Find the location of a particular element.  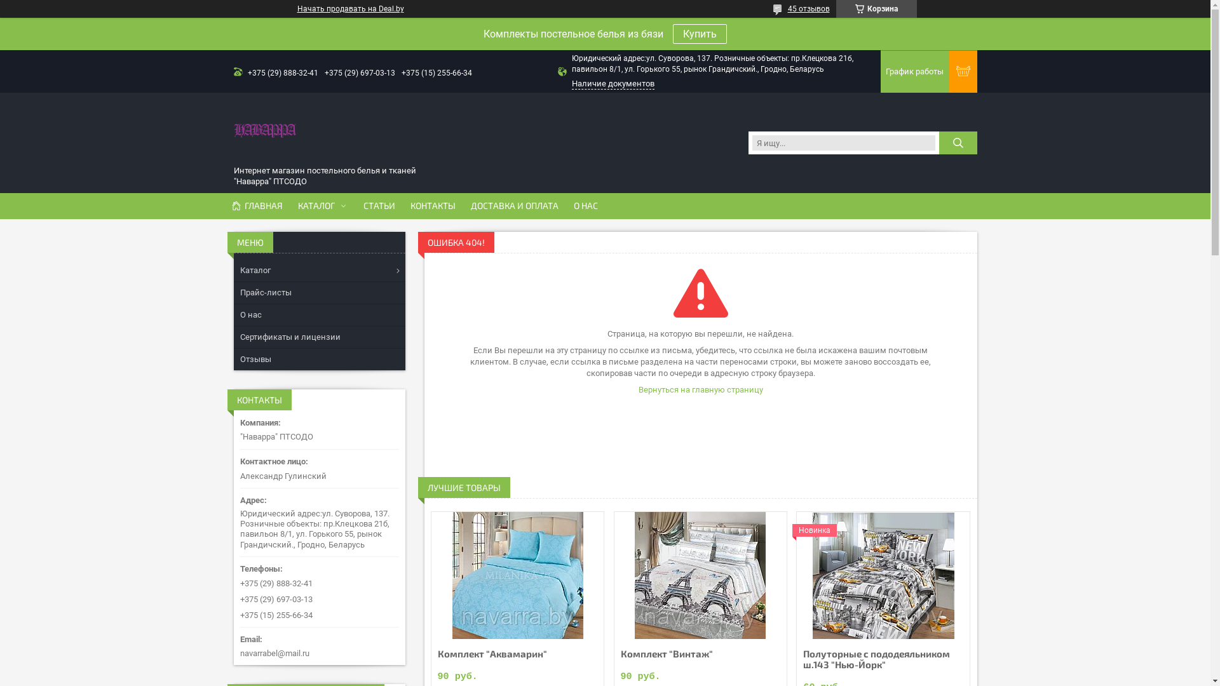

'navarrabel@mail.ru' is located at coordinates (320, 642).